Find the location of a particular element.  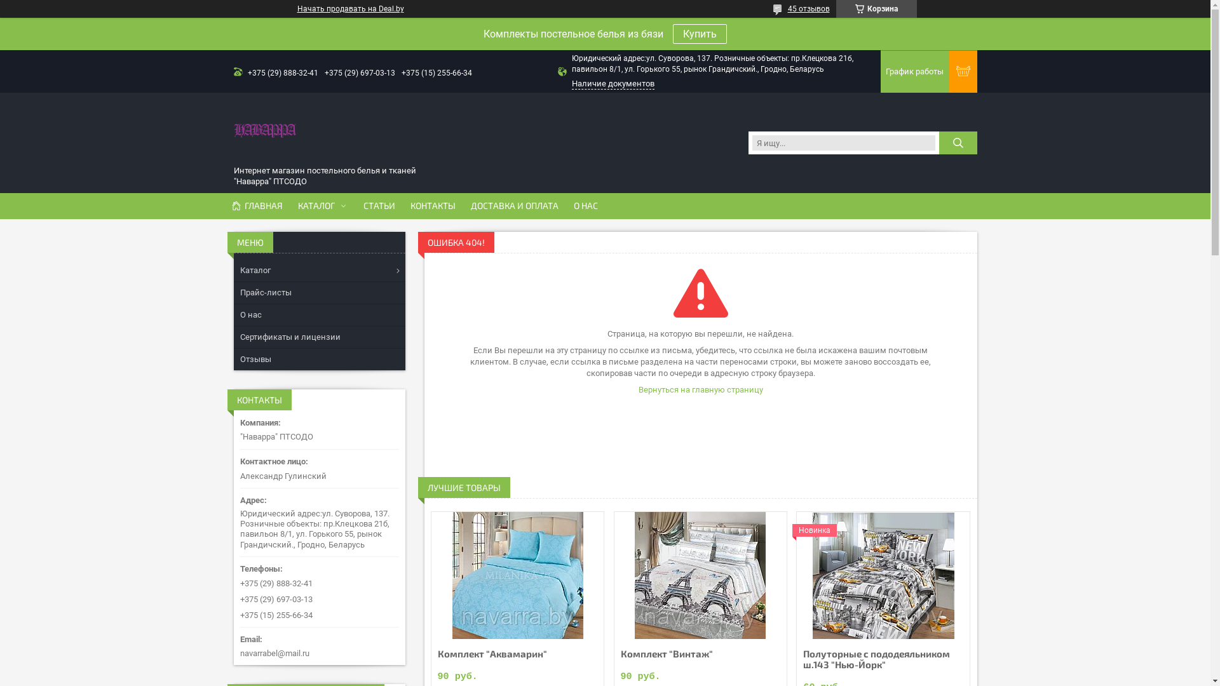

'navarrabel@mail.ru' is located at coordinates (320, 642).